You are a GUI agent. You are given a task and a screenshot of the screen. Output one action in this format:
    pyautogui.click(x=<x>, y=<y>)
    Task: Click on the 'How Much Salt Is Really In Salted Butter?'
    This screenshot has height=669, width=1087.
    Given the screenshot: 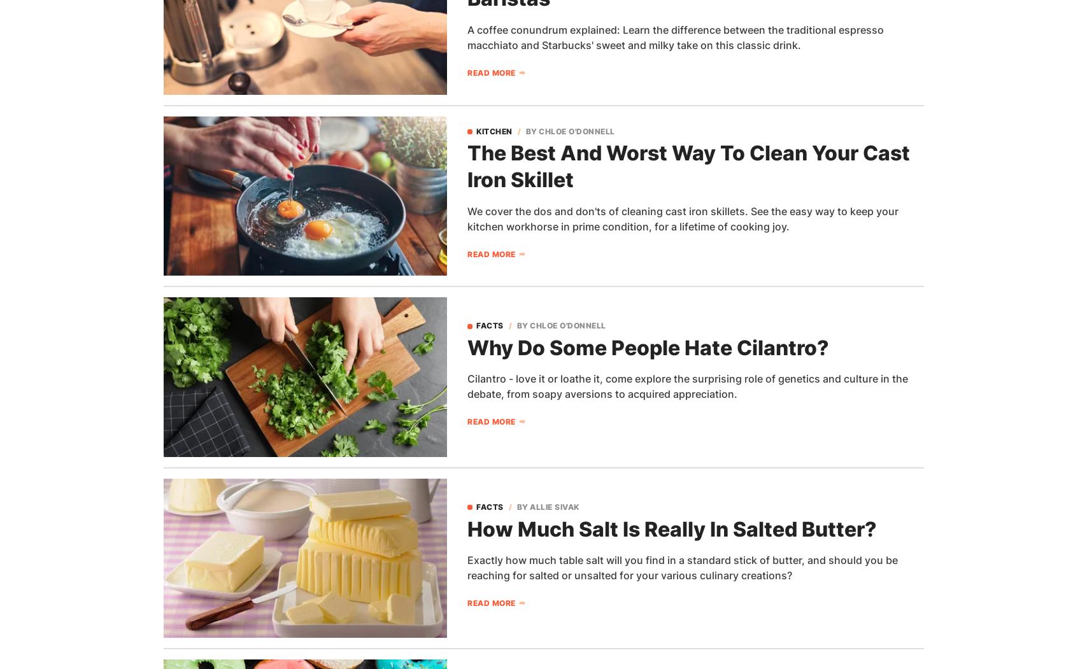 What is the action you would take?
    pyautogui.click(x=671, y=528)
    